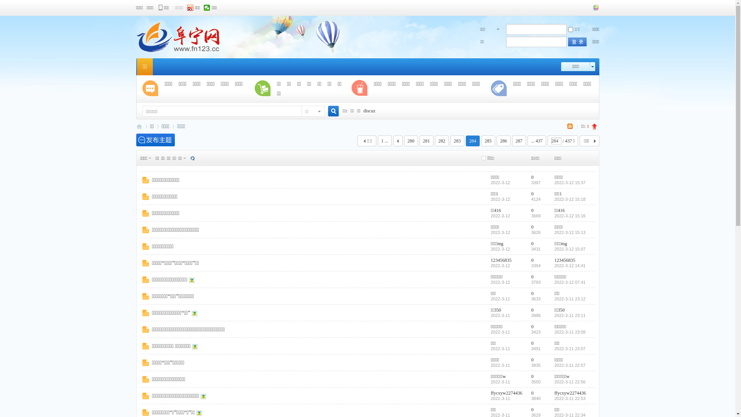  What do you see at coordinates (553, 298) in the screenshot?
I see `'2022-3-11 23:12'` at bounding box center [553, 298].